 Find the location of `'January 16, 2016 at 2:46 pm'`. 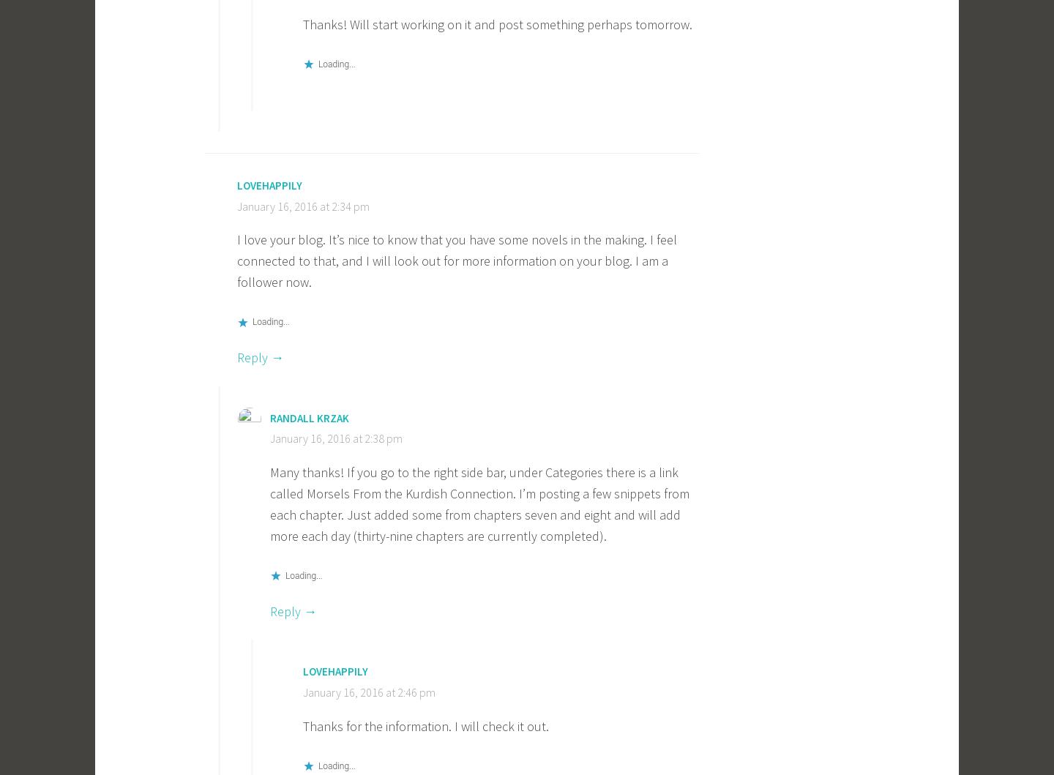

'January 16, 2016 at 2:46 pm' is located at coordinates (368, 692).